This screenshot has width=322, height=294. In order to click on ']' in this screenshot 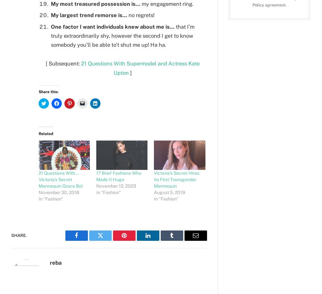, I will do `click(130, 72)`.